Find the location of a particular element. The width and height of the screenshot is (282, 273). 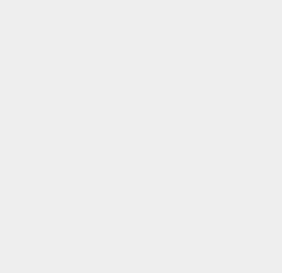

'WiFi Calling' is located at coordinates (208, 149).